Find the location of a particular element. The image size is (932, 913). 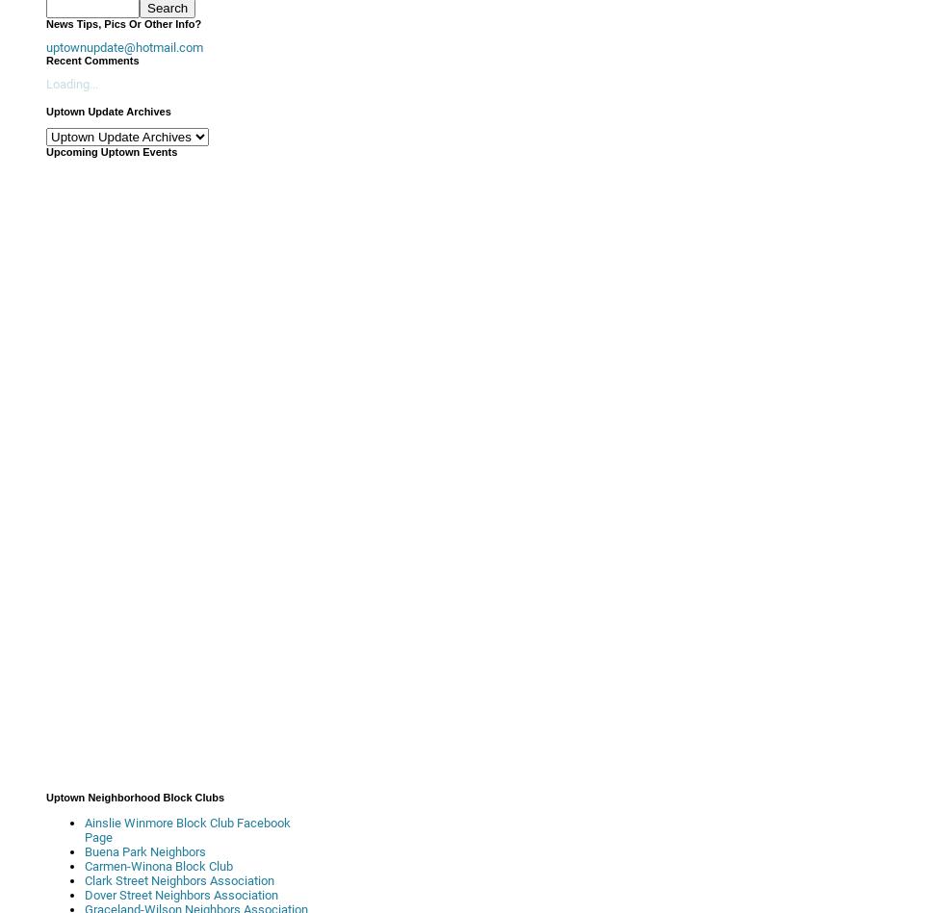

'Uptown Update Archives' is located at coordinates (108, 111).